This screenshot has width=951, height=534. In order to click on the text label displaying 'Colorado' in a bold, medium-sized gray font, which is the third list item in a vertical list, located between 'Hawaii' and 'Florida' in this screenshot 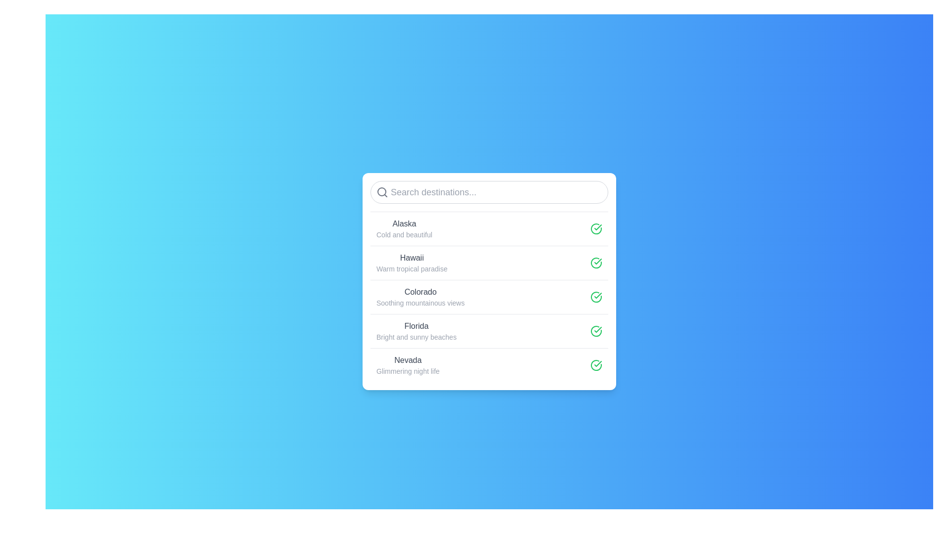, I will do `click(421, 296)`.